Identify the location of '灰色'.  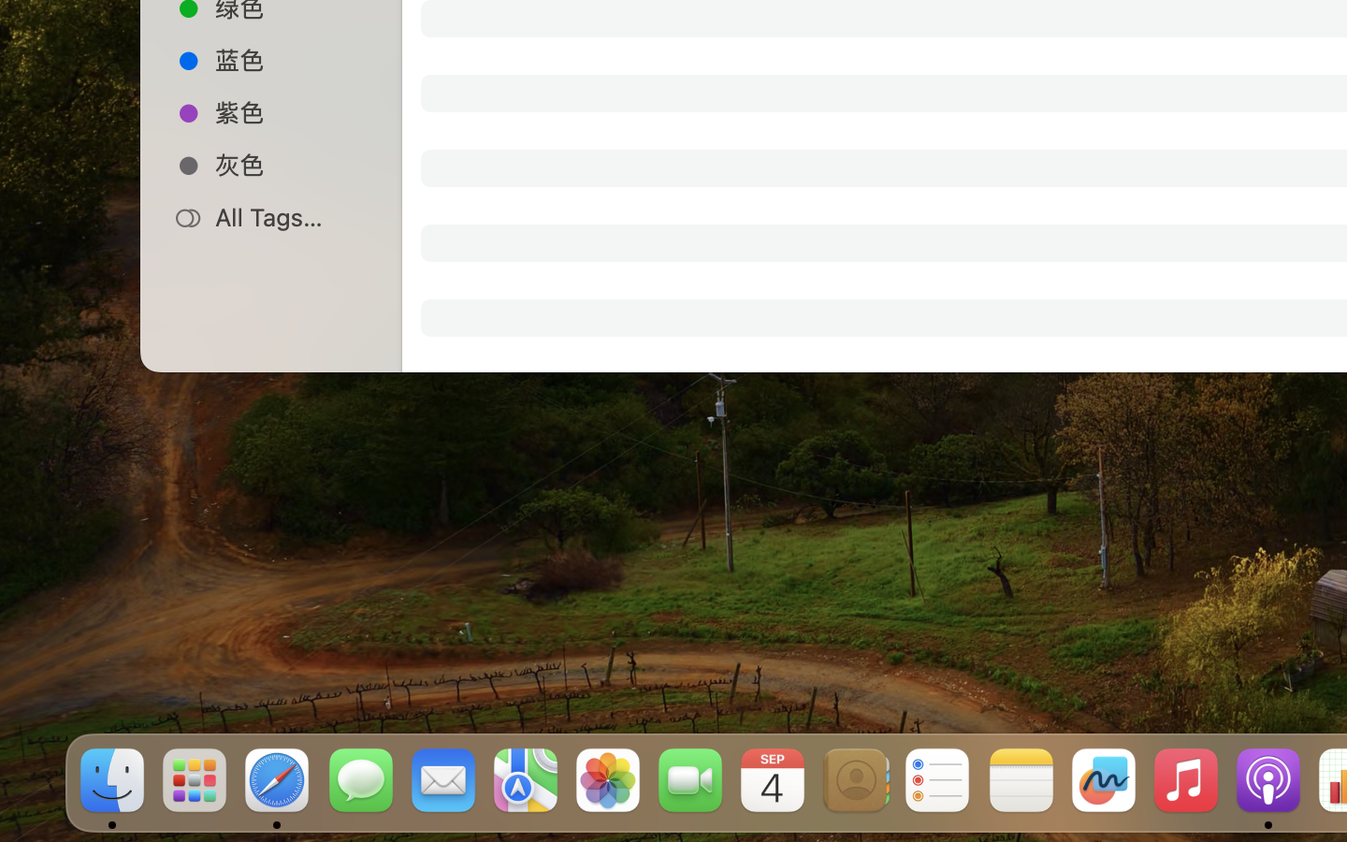
(291, 165).